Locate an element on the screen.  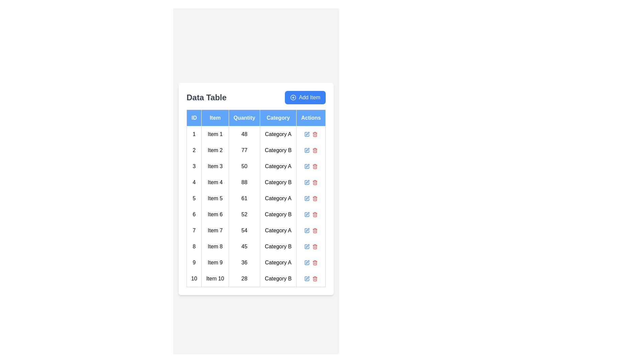
the text label displaying 'Item 1' located in the second cell of the first row of the table structure is located at coordinates (215, 134).